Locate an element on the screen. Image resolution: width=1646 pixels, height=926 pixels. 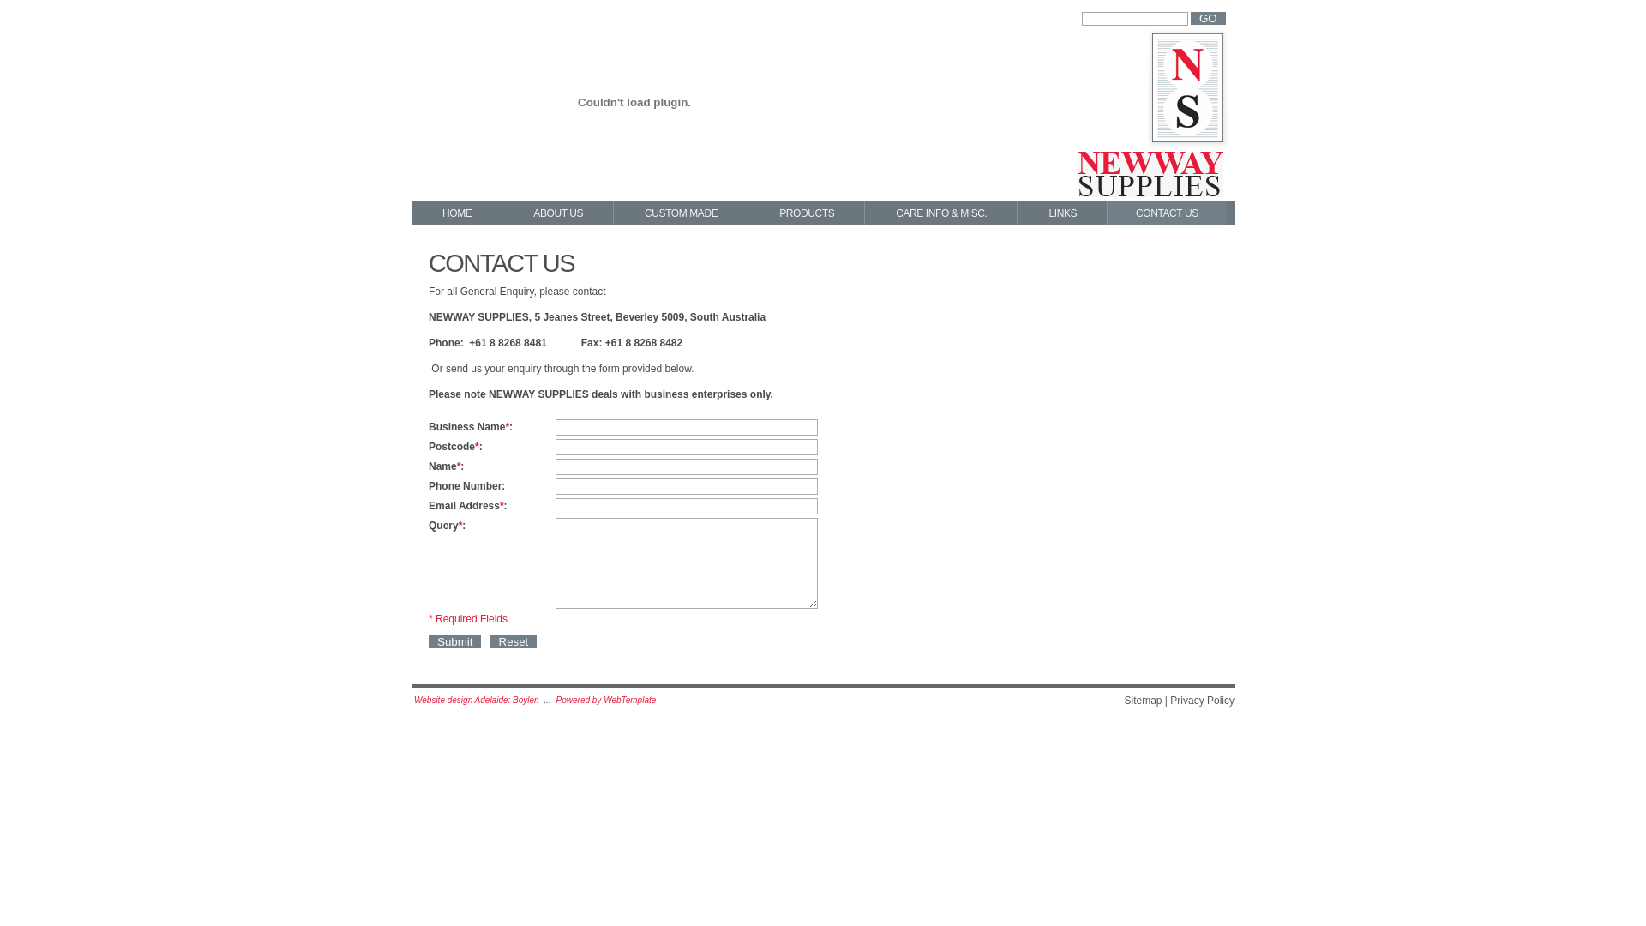
'LINKS' is located at coordinates (1060, 213).